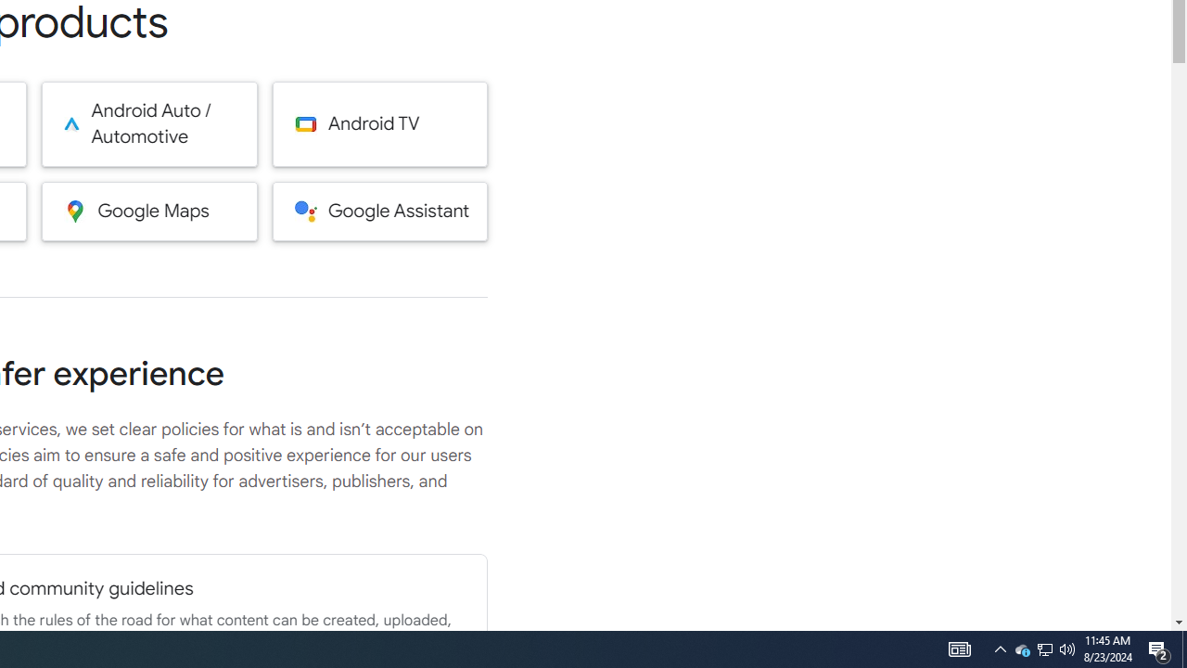 The width and height of the screenshot is (1187, 668). Describe the element at coordinates (149, 123) in the screenshot. I see `'Android Auto / Automotive'` at that location.